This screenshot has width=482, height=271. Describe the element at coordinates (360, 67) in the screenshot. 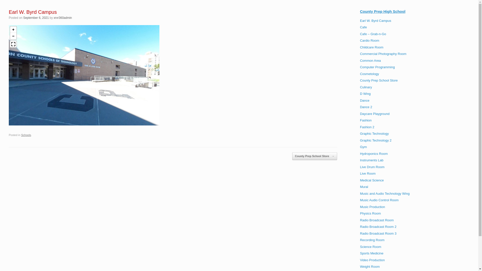

I see `'Computer Programming'` at that location.